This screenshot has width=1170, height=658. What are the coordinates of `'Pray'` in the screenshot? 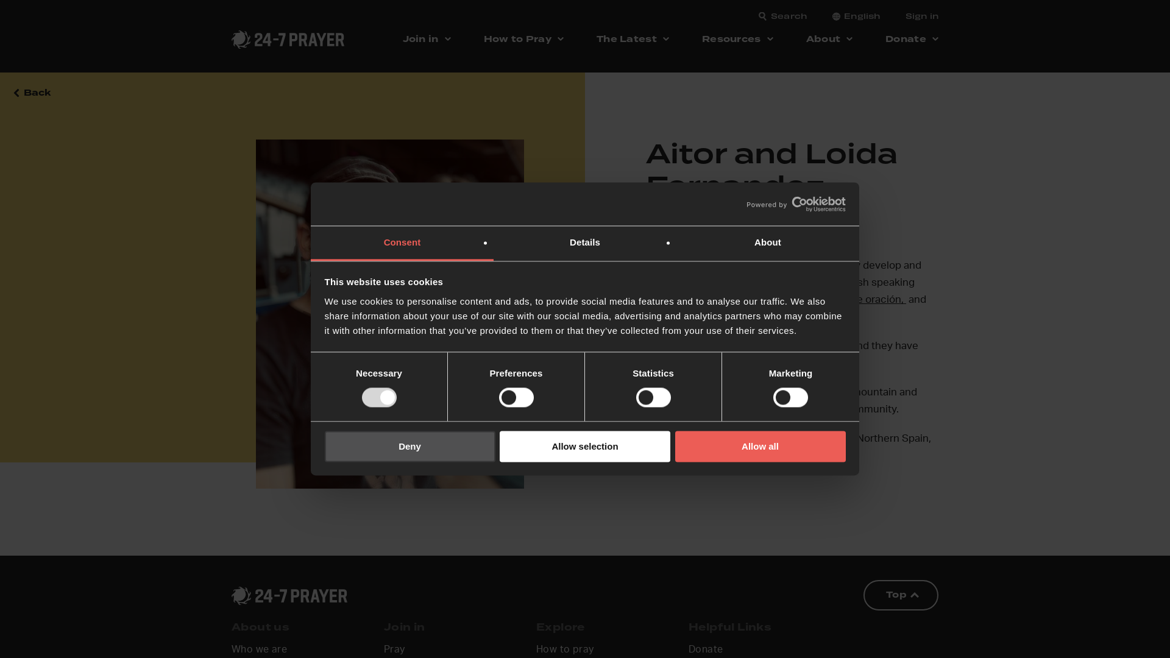 It's located at (394, 650).